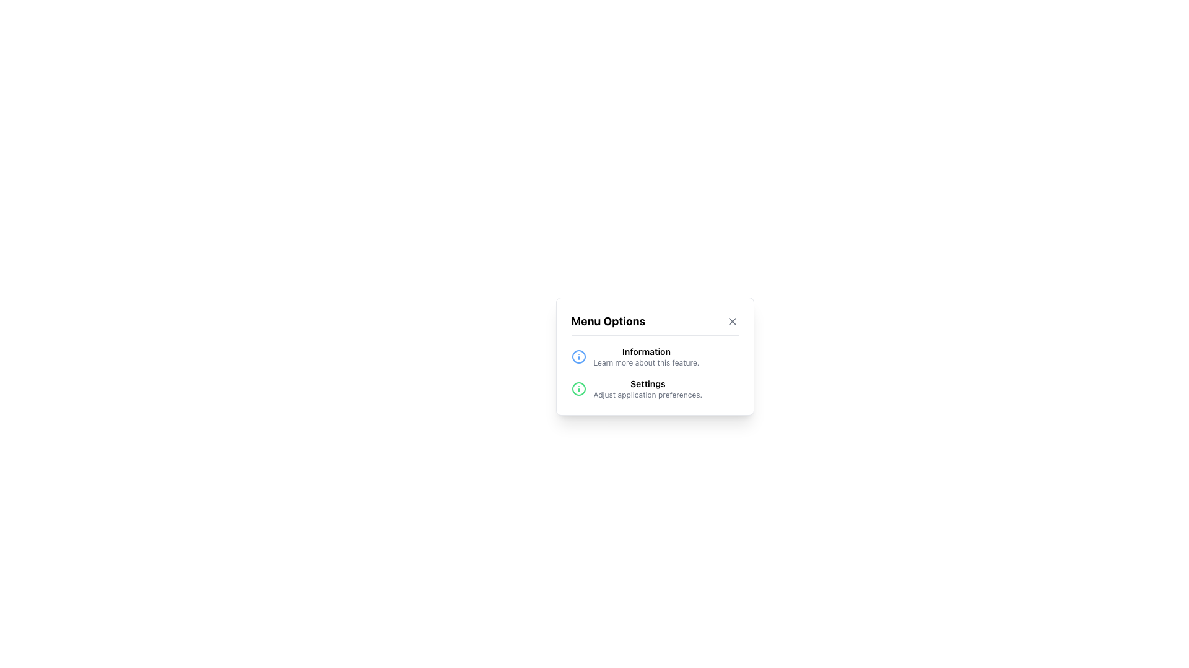 This screenshot has height=668, width=1189. I want to click on the close button in the header of the 'Menu Options' modal to change its color to red, so click(732, 320).